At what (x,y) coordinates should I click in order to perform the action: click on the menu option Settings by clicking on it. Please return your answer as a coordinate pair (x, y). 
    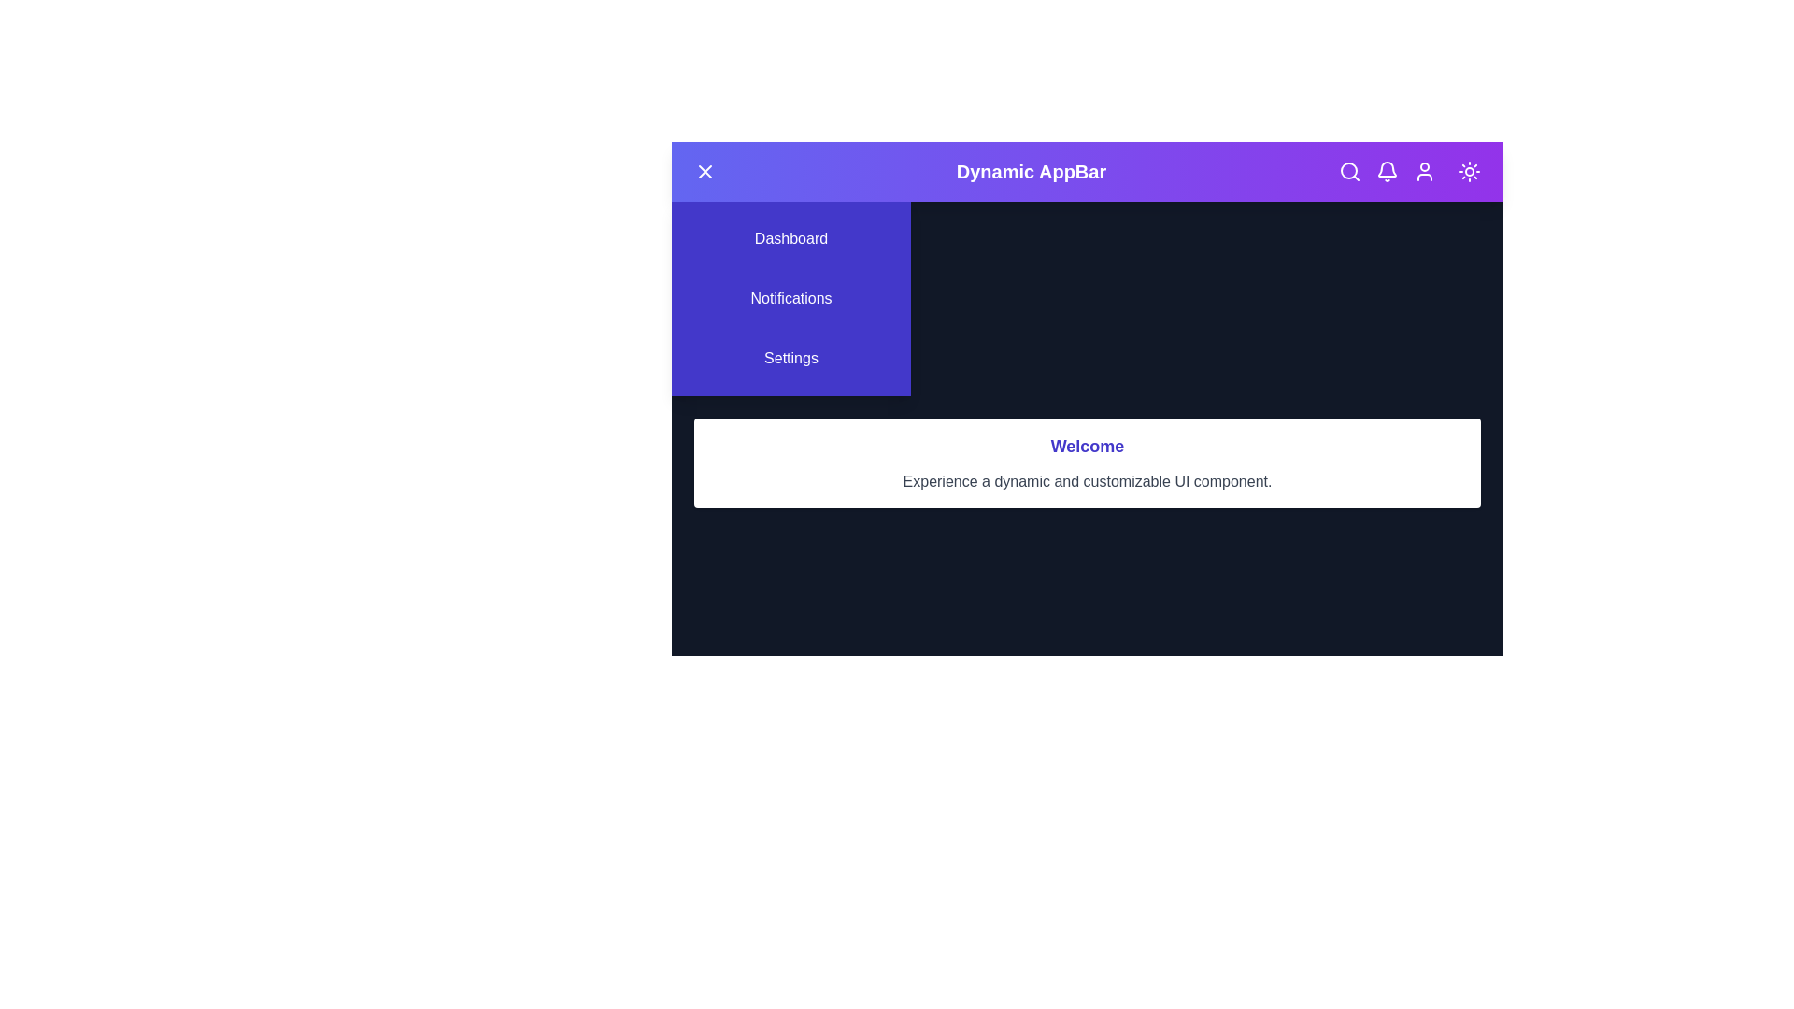
    Looking at the image, I should click on (790, 359).